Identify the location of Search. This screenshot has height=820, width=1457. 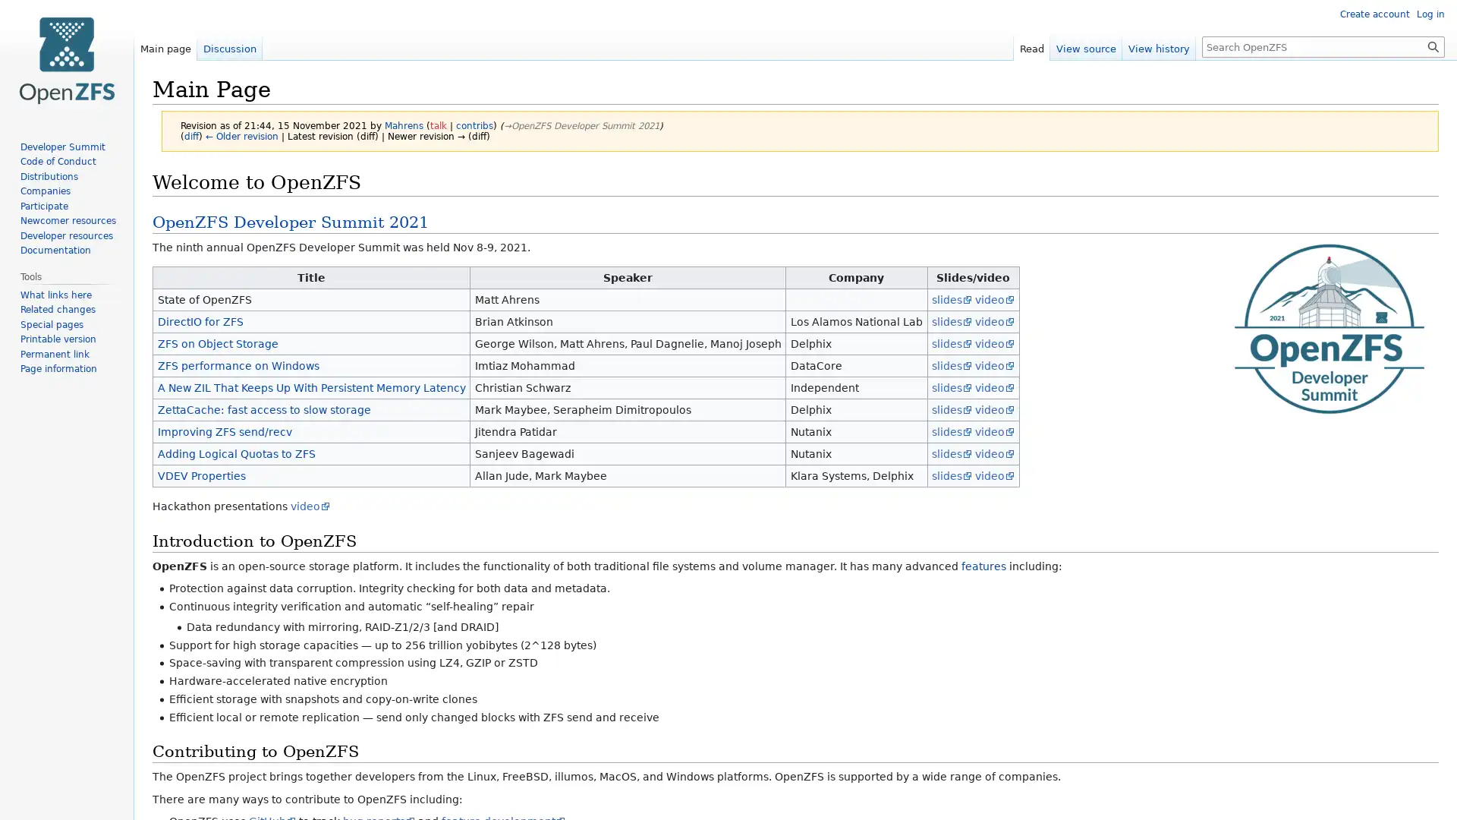
(1433, 46).